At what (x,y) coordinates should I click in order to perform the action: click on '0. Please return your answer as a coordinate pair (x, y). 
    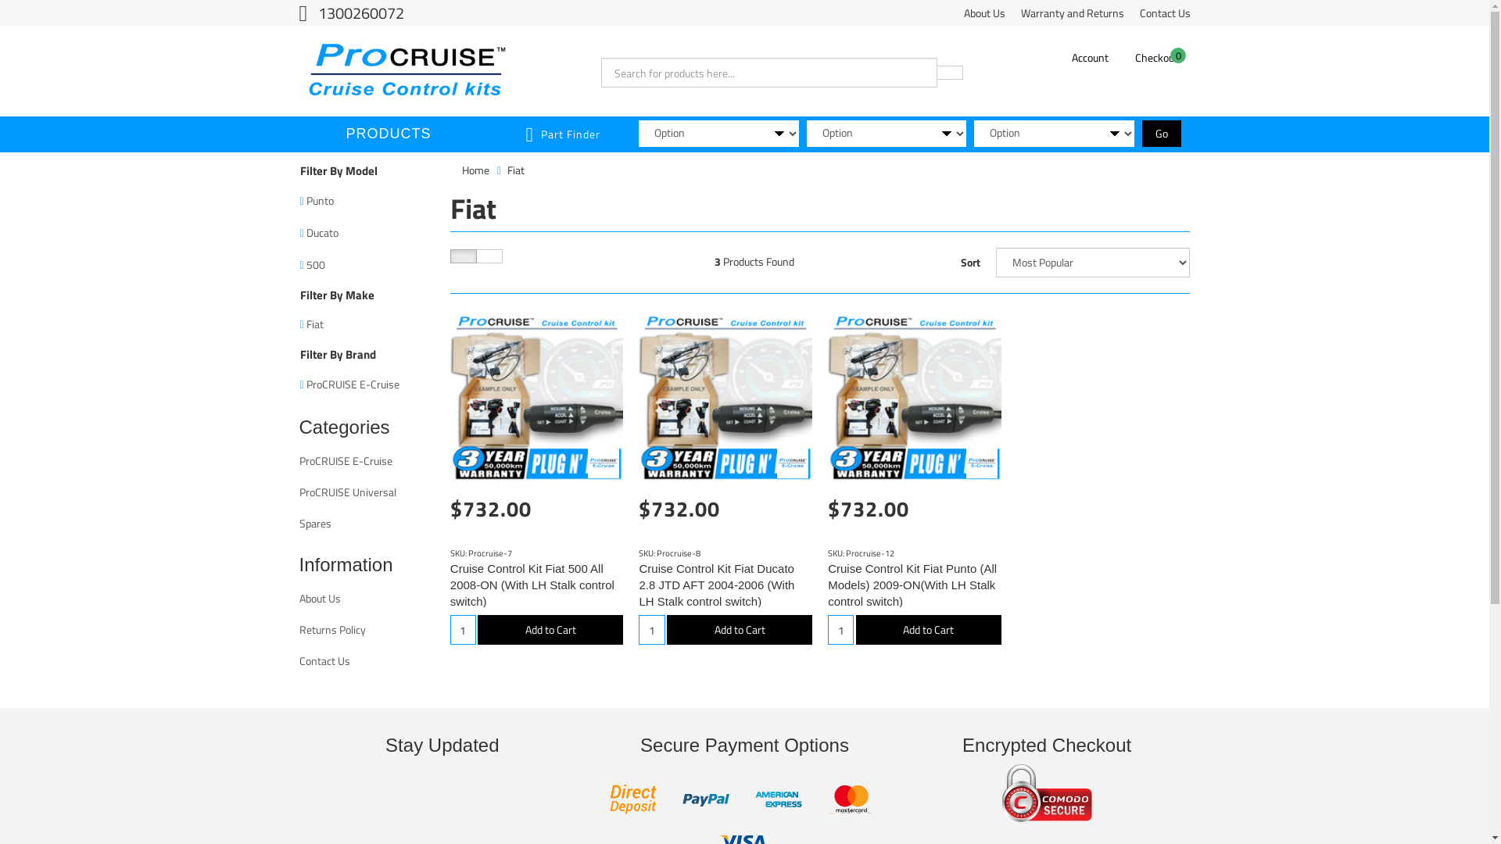
    Looking at the image, I should click on (1156, 56).